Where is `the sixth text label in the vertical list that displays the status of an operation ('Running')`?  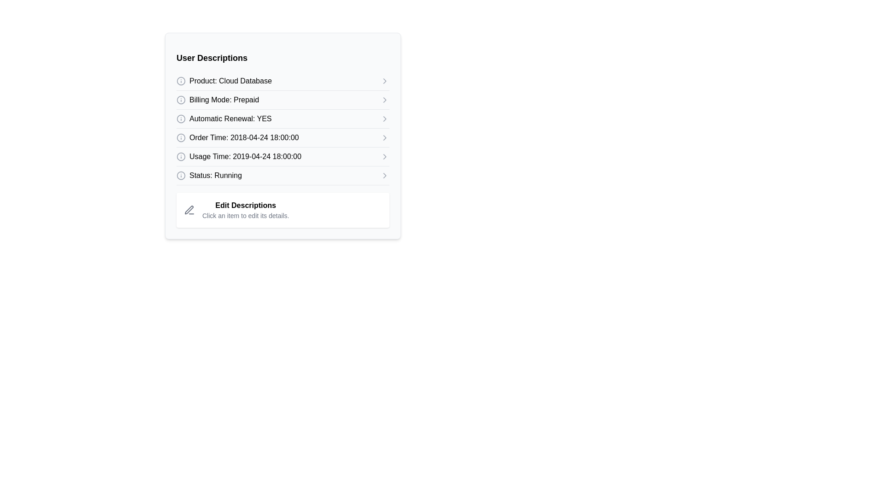
the sixth text label in the vertical list that displays the status of an operation ('Running') is located at coordinates (215, 176).